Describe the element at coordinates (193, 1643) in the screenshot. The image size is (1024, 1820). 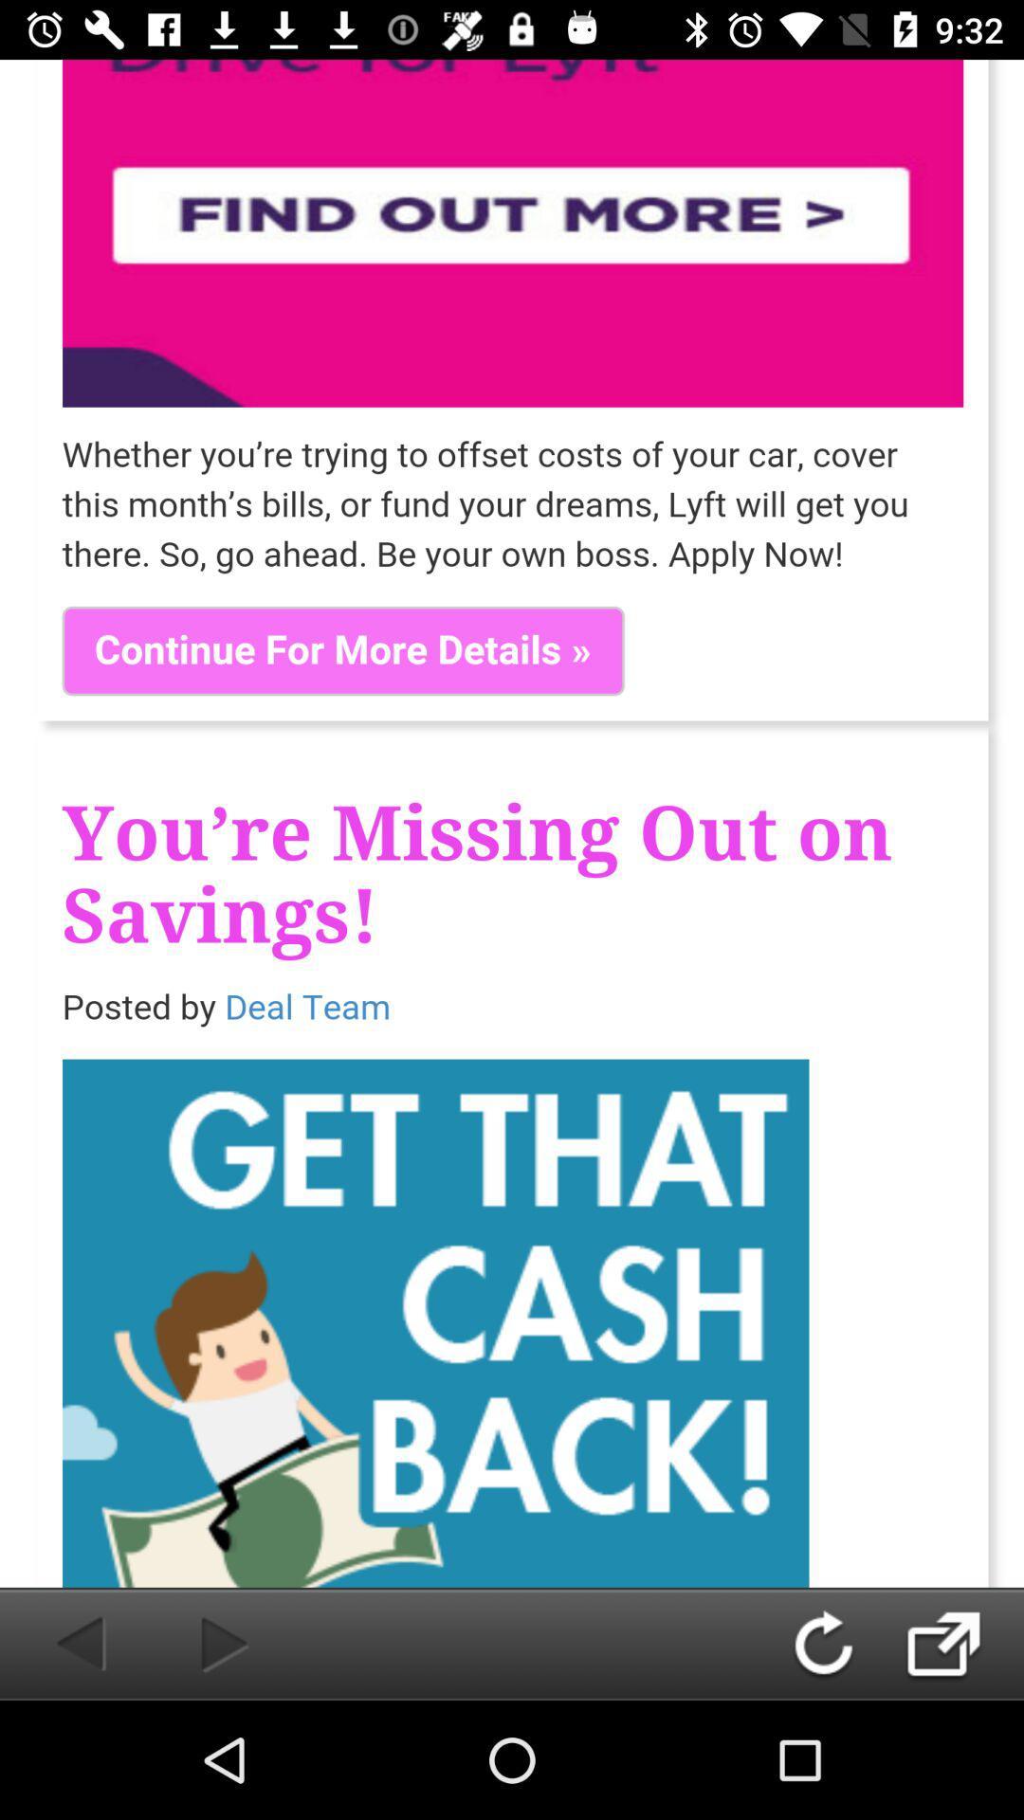
I see `forward` at that location.